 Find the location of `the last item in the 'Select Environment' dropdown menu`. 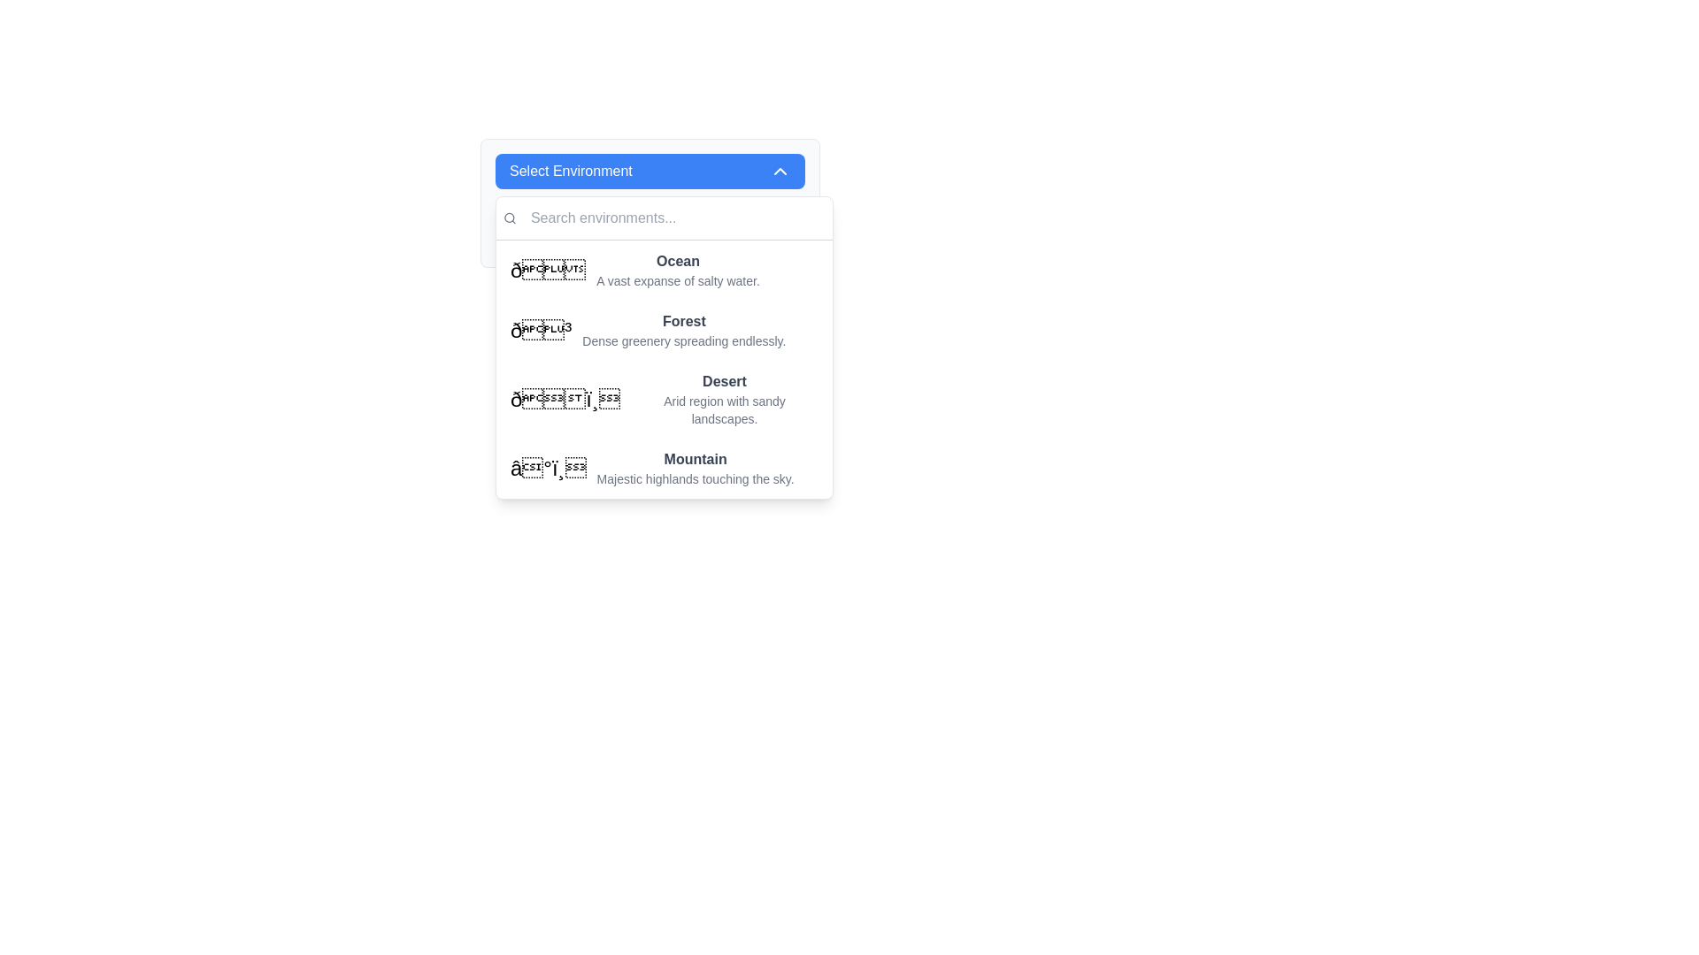

the last item in the 'Select Environment' dropdown menu is located at coordinates (651, 467).